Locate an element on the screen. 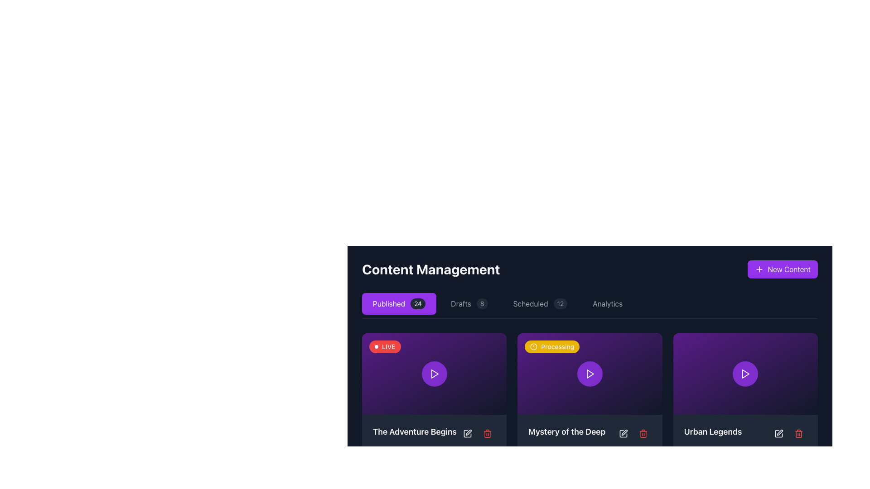 This screenshot has height=489, width=870. the 'New Content' text label within the button located in the top-right corner of the interface is located at coordinates (788, 268).